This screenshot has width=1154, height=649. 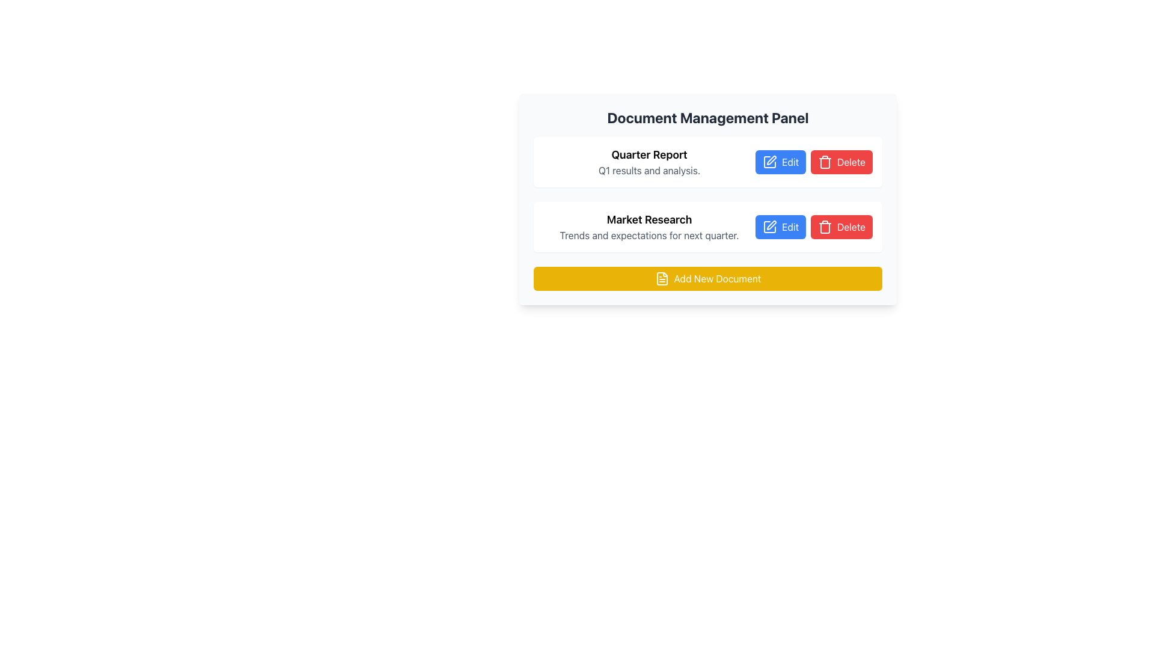 What do you see at coordinates (781, 162) in the screenshot?
I see `the button that triggers editing of the 'Quarter Report' entry, located at the right end of the control group preceding the 'Delete' button` at bounding box center [781, 162].